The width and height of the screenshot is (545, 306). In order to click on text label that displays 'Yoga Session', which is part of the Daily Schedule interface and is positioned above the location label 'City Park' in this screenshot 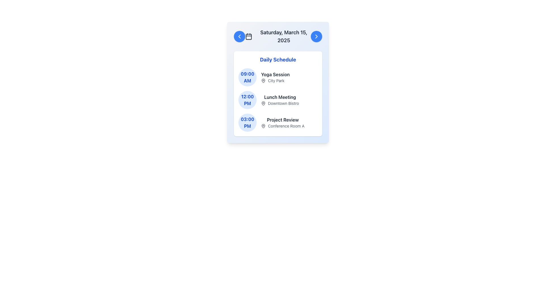, I will do `click(275, 74)`.